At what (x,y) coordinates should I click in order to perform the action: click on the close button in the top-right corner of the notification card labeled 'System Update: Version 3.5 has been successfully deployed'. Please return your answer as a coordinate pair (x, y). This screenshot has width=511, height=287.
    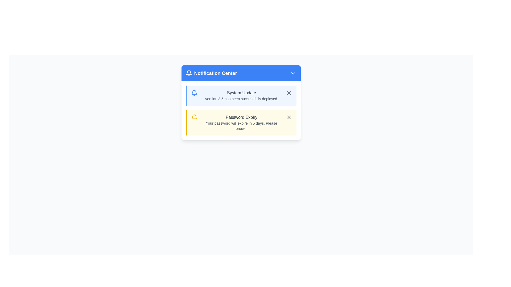
    Looking at the image, I should click on (289, 93).